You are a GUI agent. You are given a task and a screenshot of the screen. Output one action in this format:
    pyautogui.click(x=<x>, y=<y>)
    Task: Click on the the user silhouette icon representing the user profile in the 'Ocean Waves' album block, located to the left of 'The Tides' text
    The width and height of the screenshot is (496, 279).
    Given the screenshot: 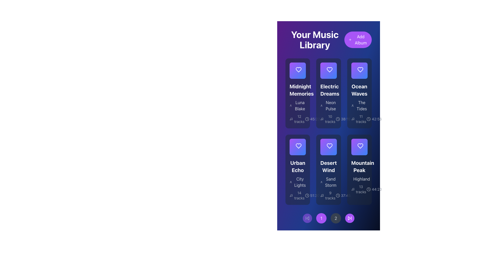 What is the action you would take?
    pyautogui.click(x=352, y=105)
    